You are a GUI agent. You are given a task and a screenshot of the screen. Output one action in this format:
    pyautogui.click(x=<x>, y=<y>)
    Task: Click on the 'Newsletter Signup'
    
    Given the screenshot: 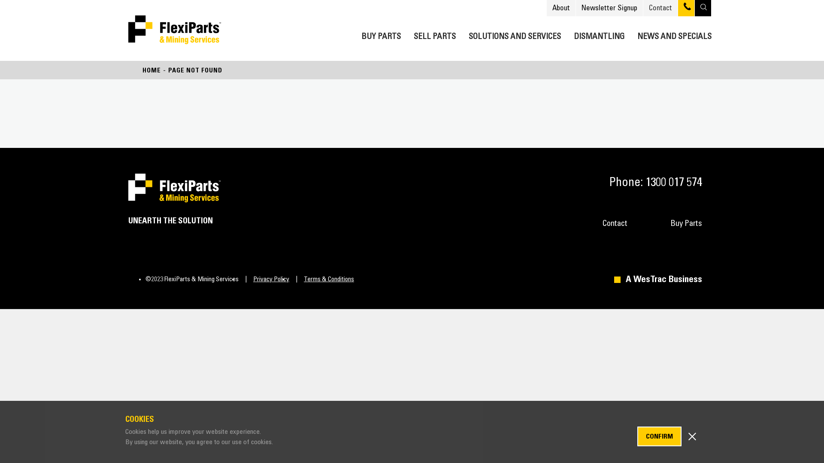 What is the action you would take?
    pyautogui.click(x=609, y=8)
    